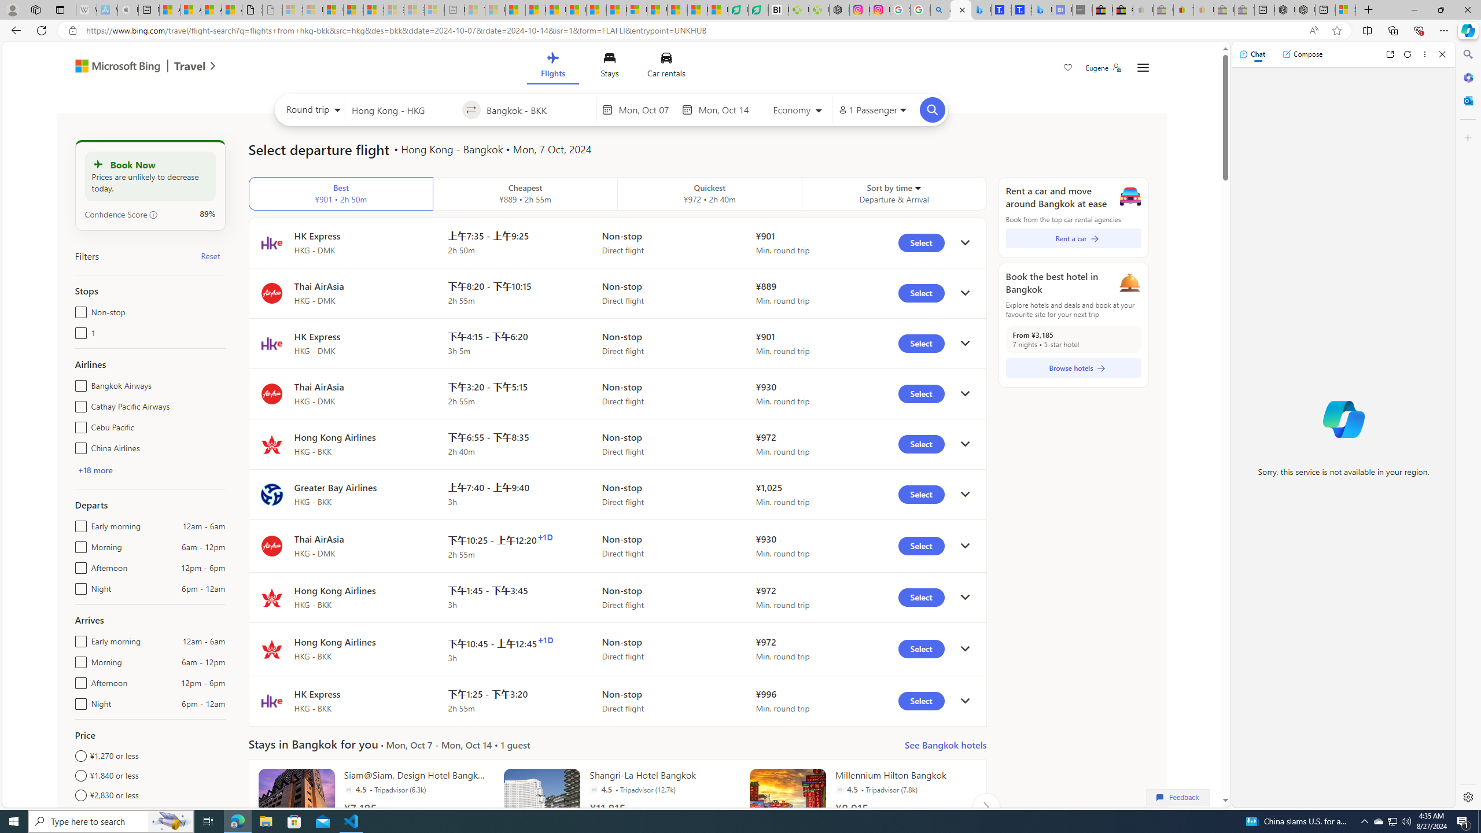  What do you see at coordinates (960, 9) in the screenshot?
I see `'Microsoft Bing Travel - Flights from Hong Kong to Bangkok'` at bounding box center [960, 9].